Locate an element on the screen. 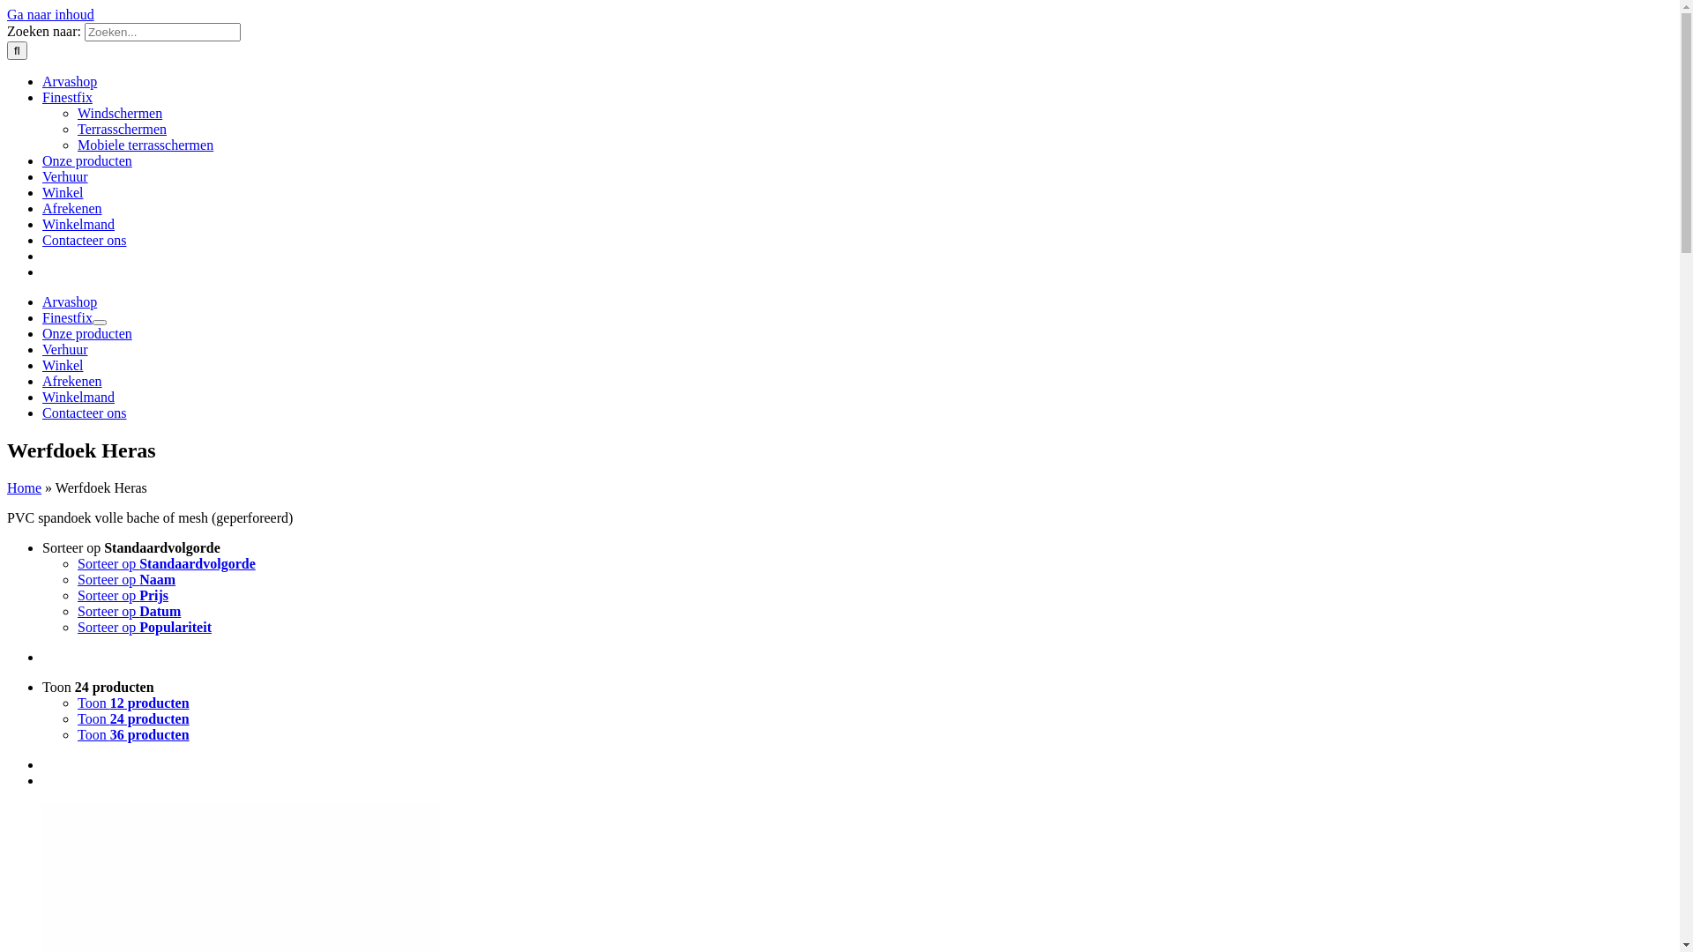 The image size is (1693, 952). 'Windschermen' is located at coordinates (118, 113).